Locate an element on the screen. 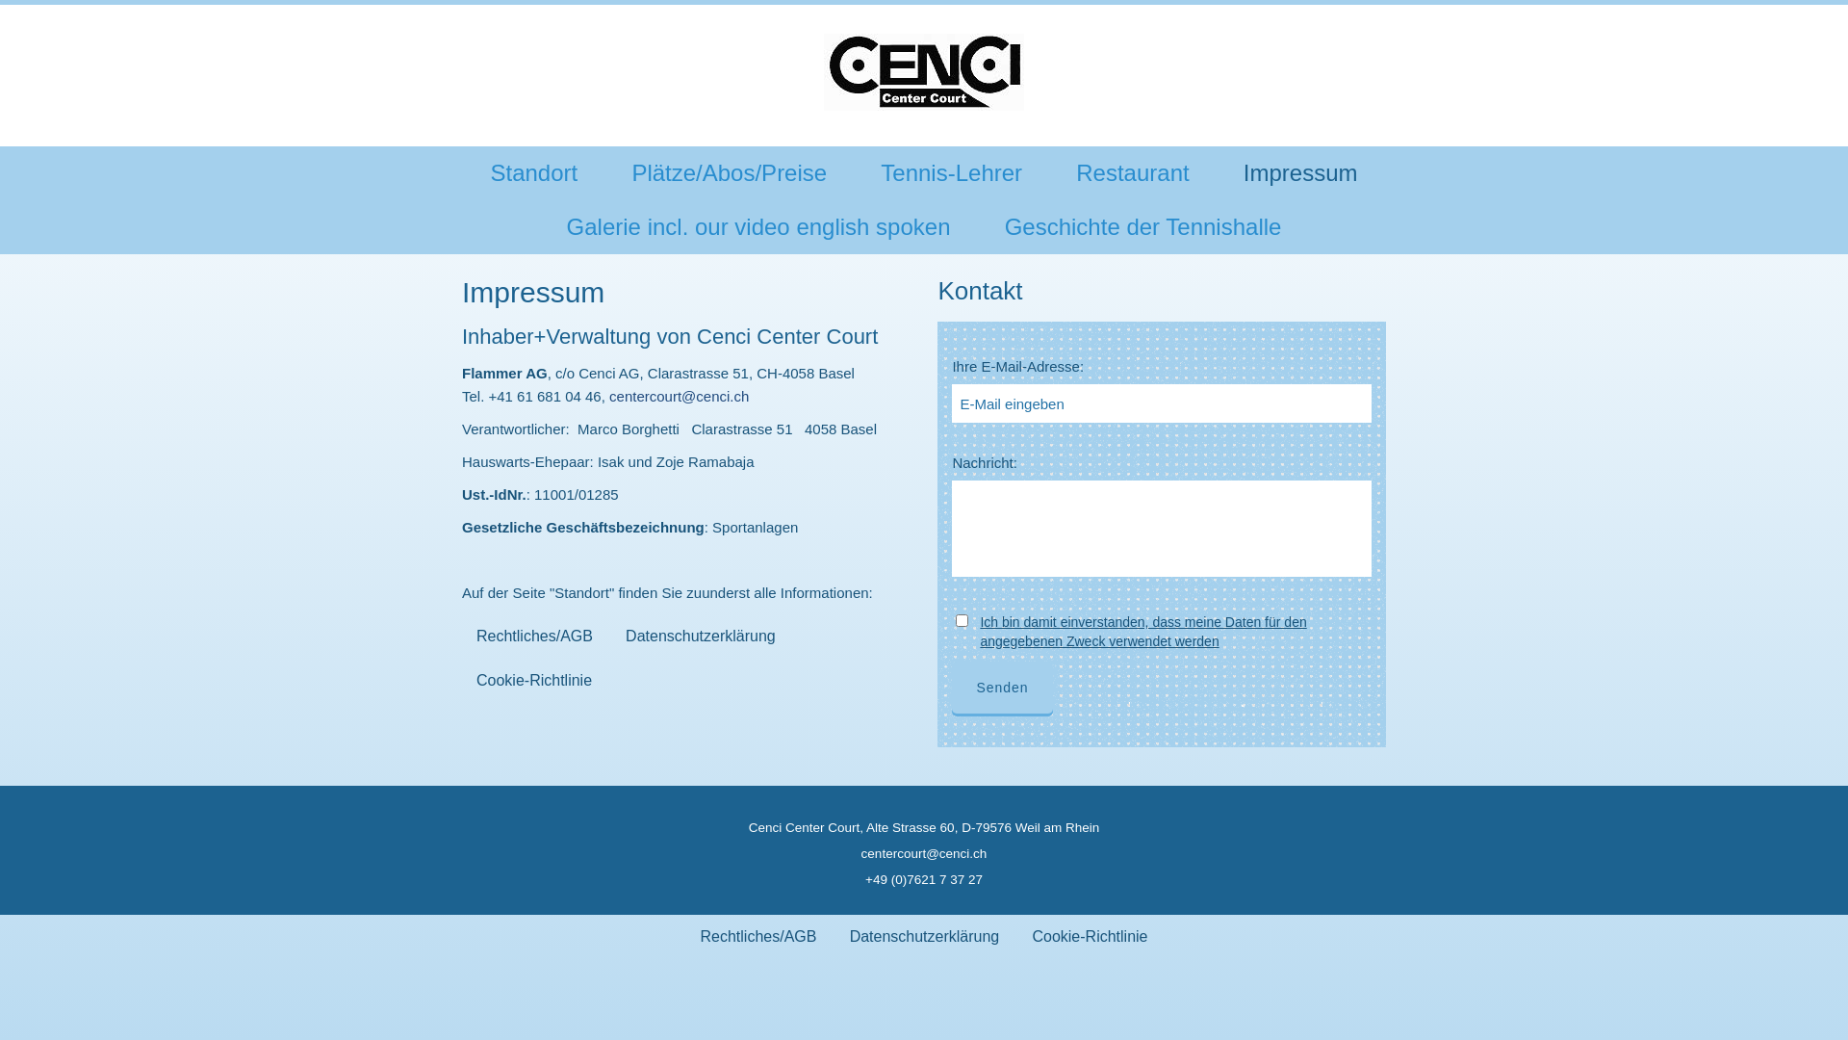  'Cookie-Richtlinie' is located at coordinates (1015, 935).